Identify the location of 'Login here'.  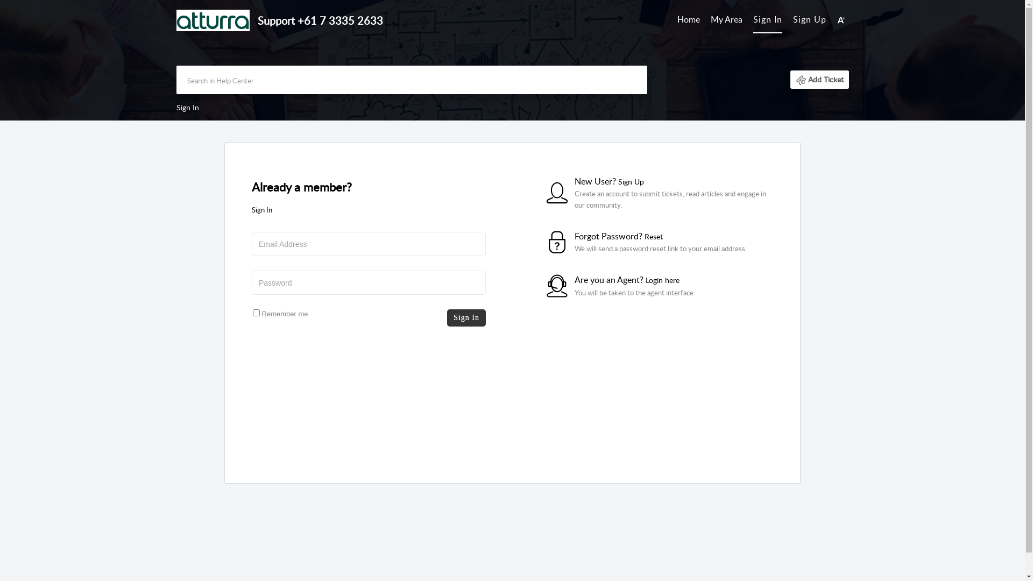
(662, 279).